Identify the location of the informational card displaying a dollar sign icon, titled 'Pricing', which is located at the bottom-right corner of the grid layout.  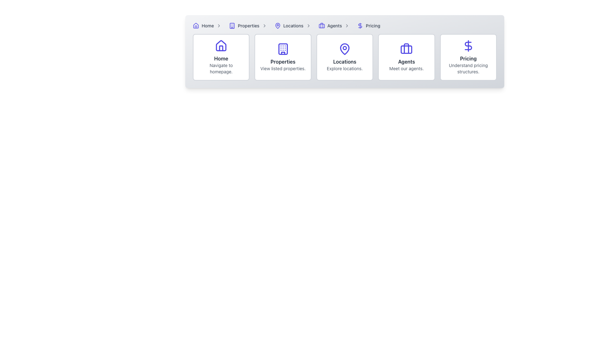
(468, 57).